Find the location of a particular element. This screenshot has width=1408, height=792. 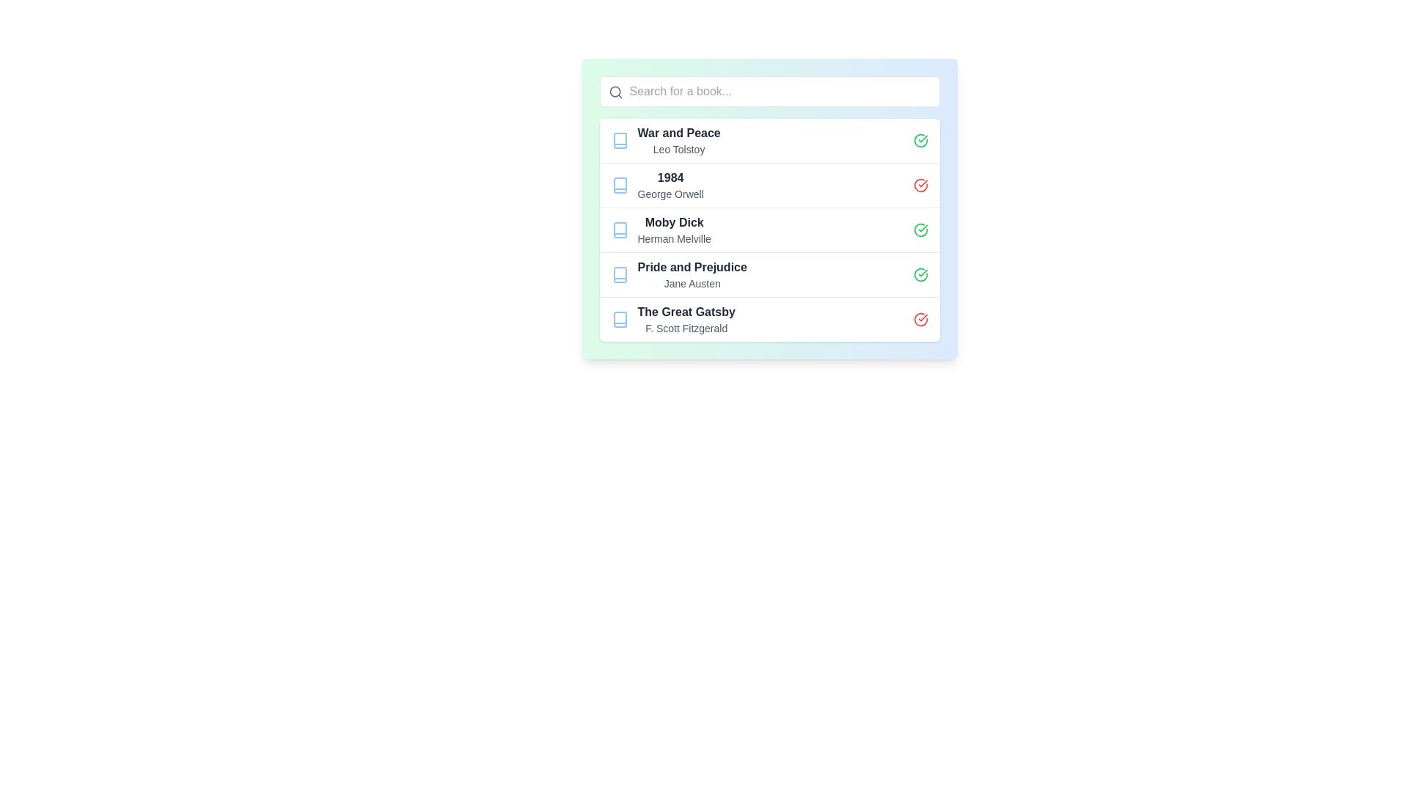

the circular checkmark icon with a green outline located in the rightmost position of the row for the book 'Moby Dick' is located at coordinates (920, 230).